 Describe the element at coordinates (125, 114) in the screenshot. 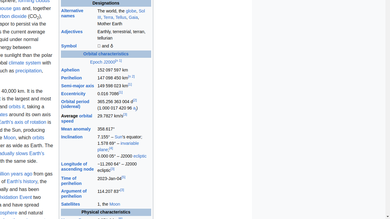

I see `'[3]'` at that location.